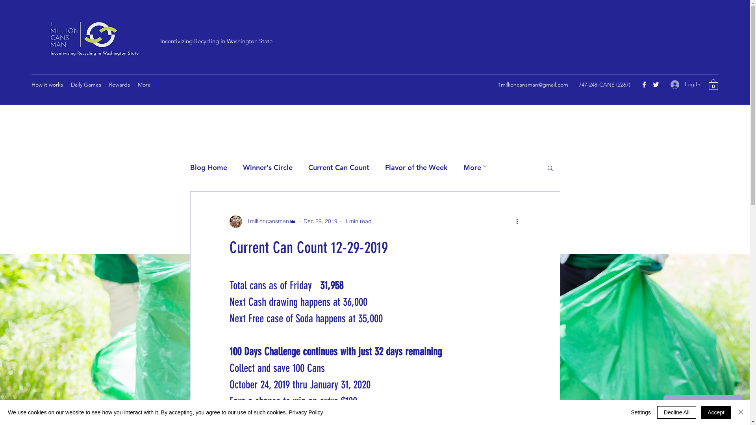  I want to click on 'Privacy Policy', so click(305, 412).